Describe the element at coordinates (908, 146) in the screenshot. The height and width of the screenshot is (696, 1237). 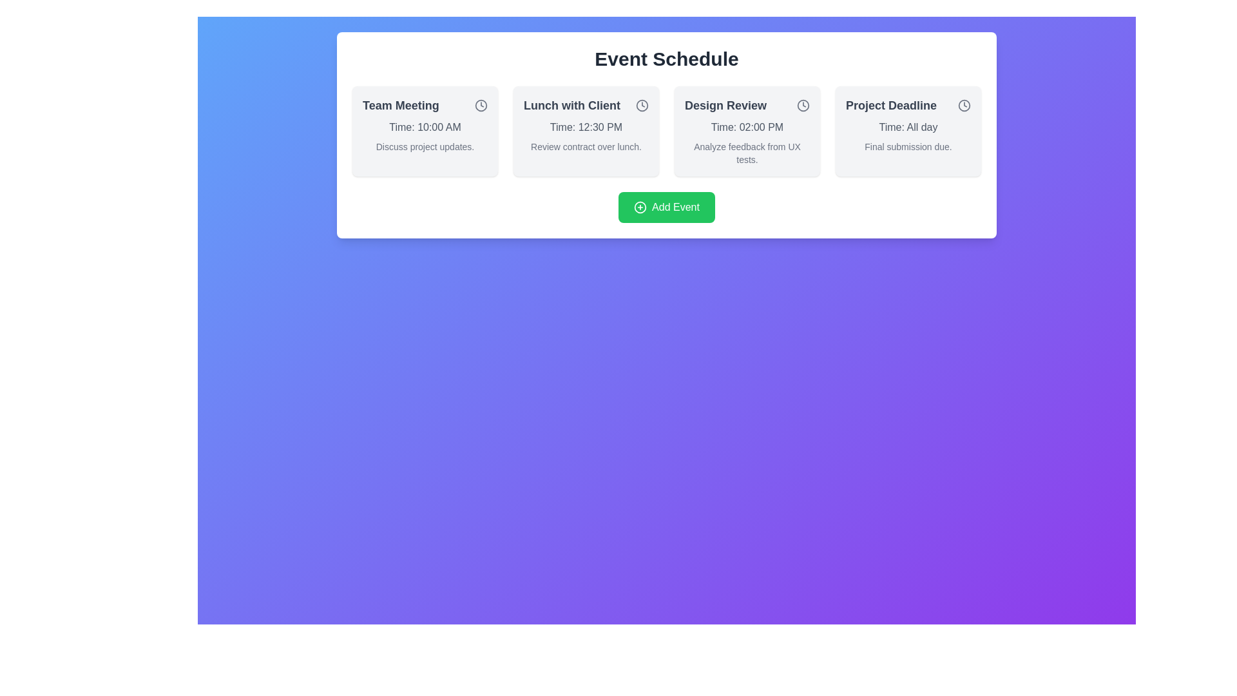
I see `the non-interactive text label located at the bottom of the 'Project Deadline' card, which provides information about the submission deadline` at that location.